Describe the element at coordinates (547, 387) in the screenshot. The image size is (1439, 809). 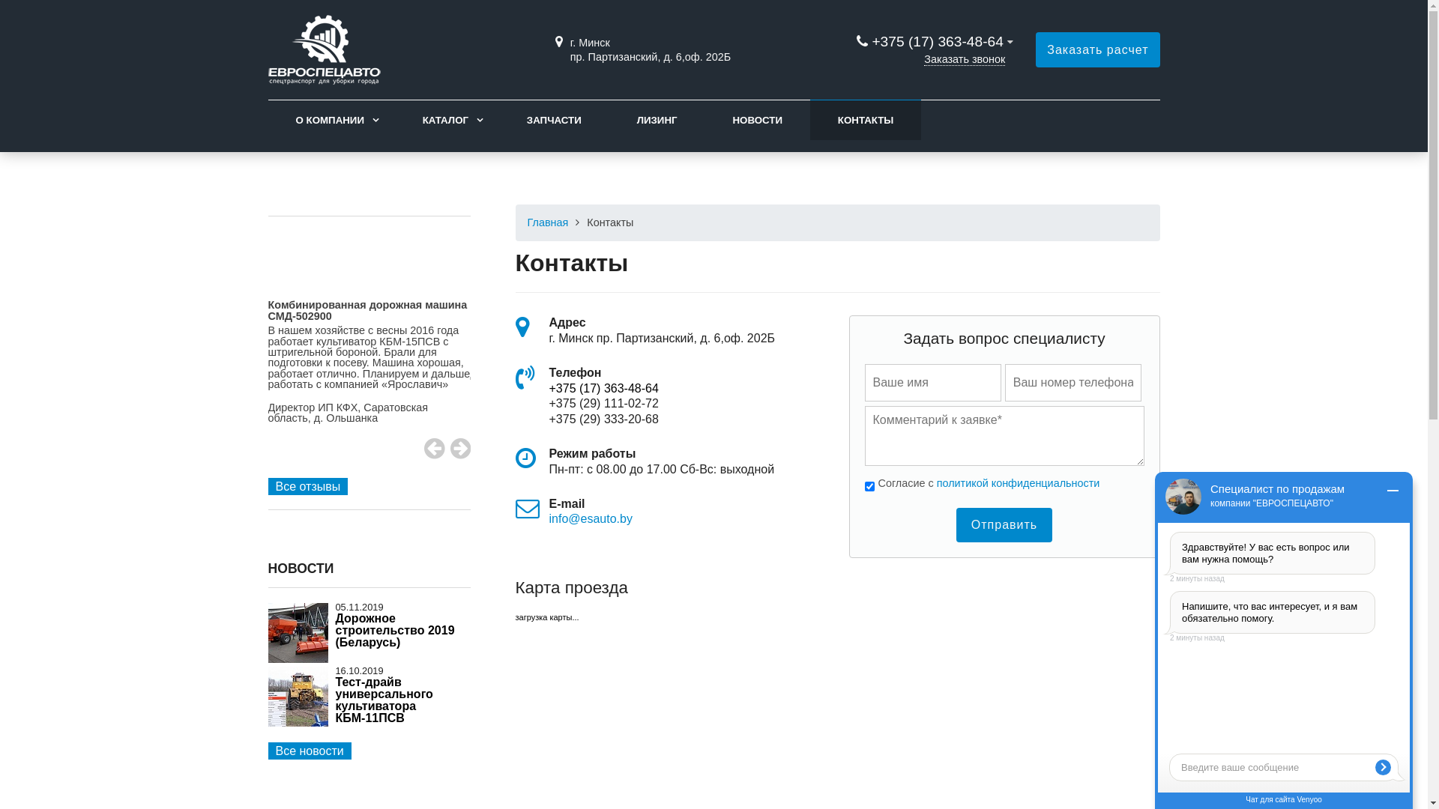
I see `'+375 (17) 363-48-64'` at that location.